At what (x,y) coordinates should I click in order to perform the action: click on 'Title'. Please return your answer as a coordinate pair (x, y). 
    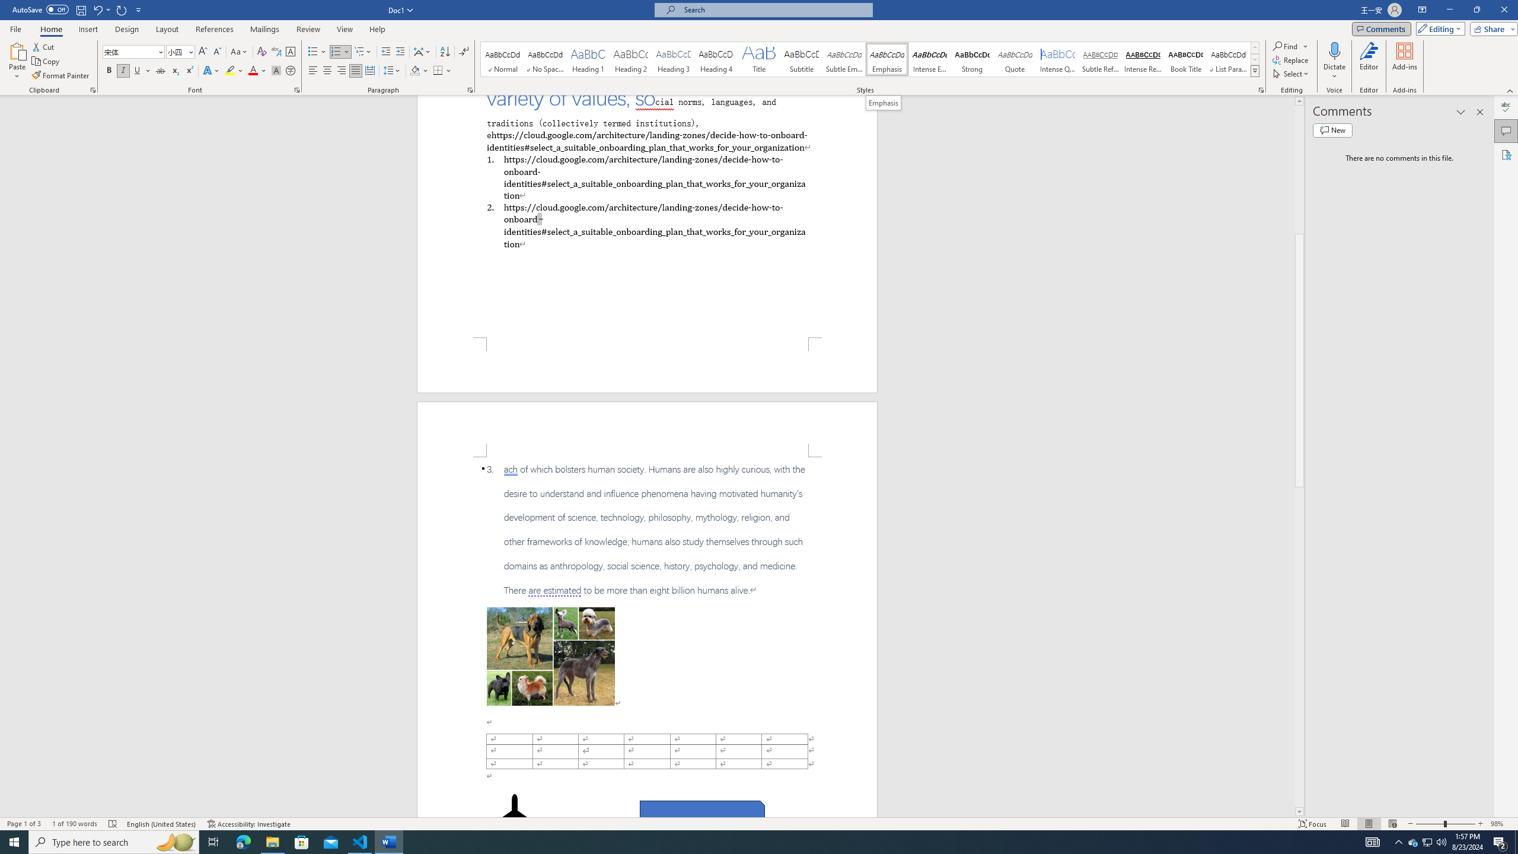
    Looking at the image, I should click on (759, 59).